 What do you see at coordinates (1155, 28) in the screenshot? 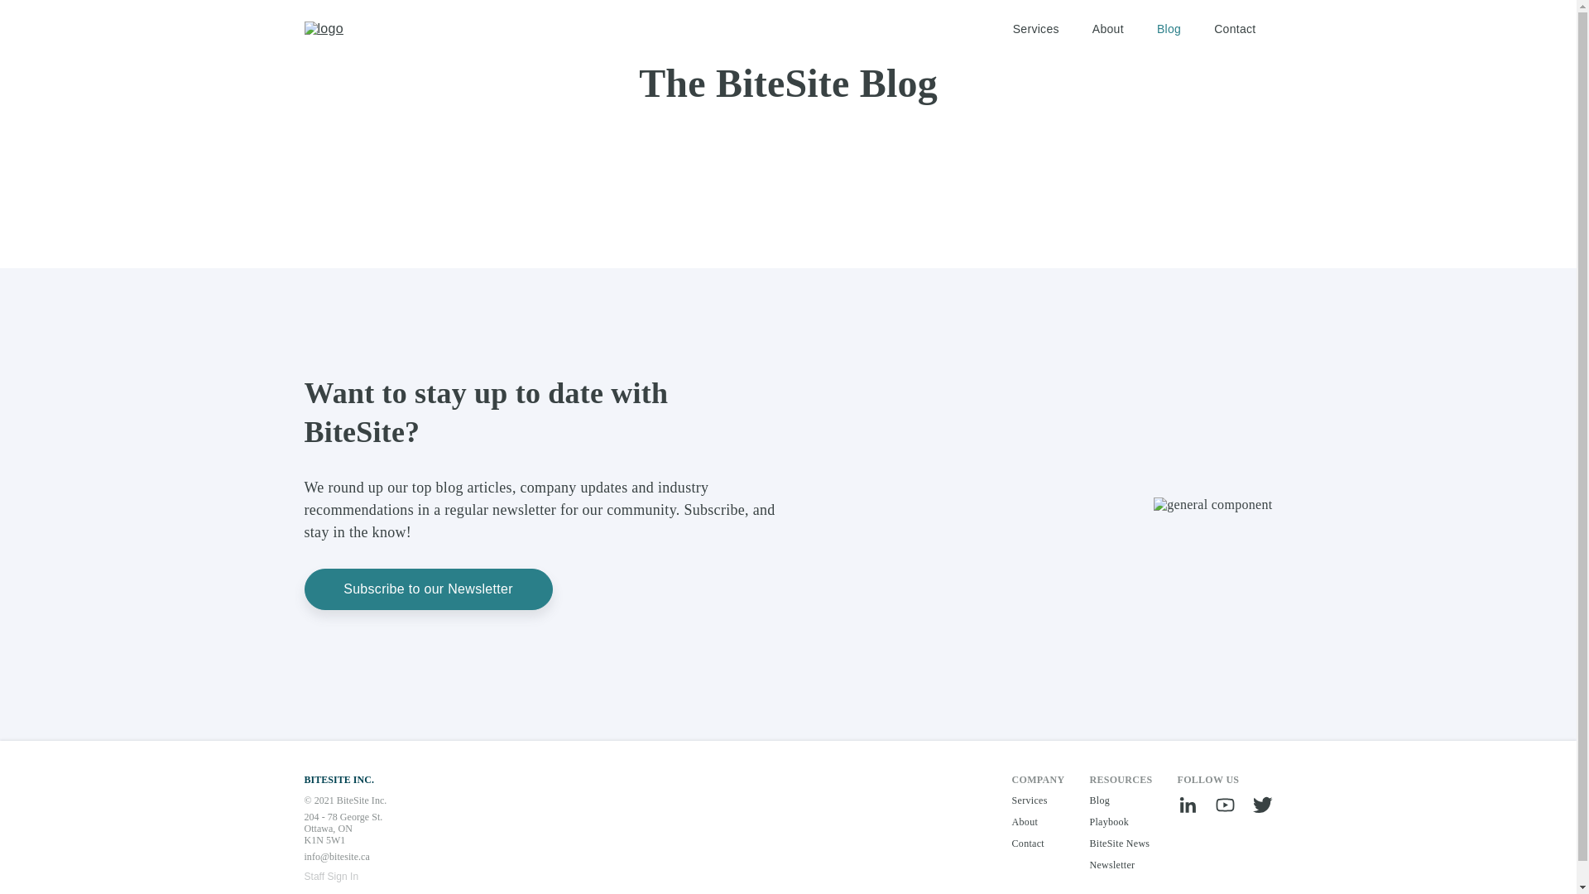
I see `'Blog'` at bounding box center [1155, 28].